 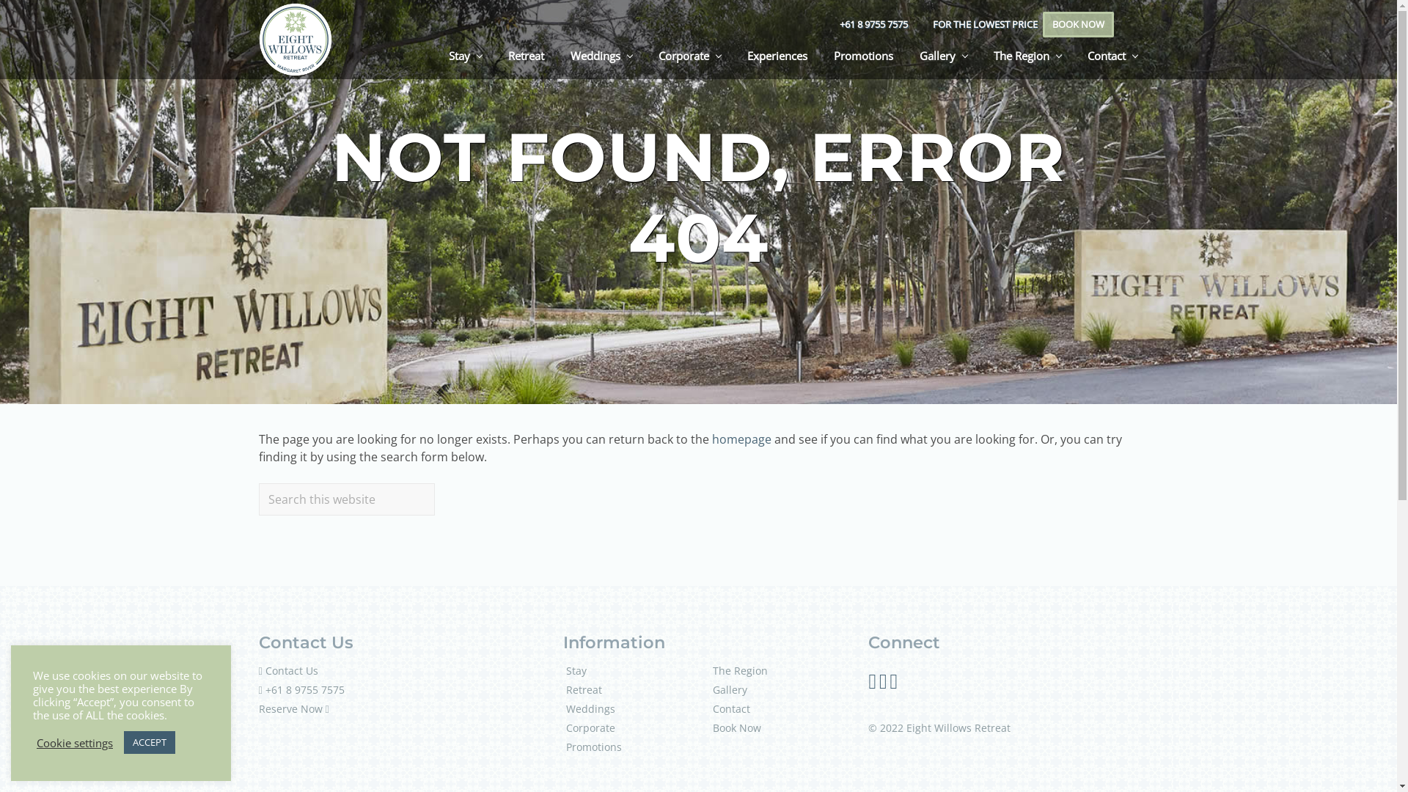 What do you see at coordinates (292, 670) in the screenshot?
I see `'Contact Us'` at bounding box center [292, 670].